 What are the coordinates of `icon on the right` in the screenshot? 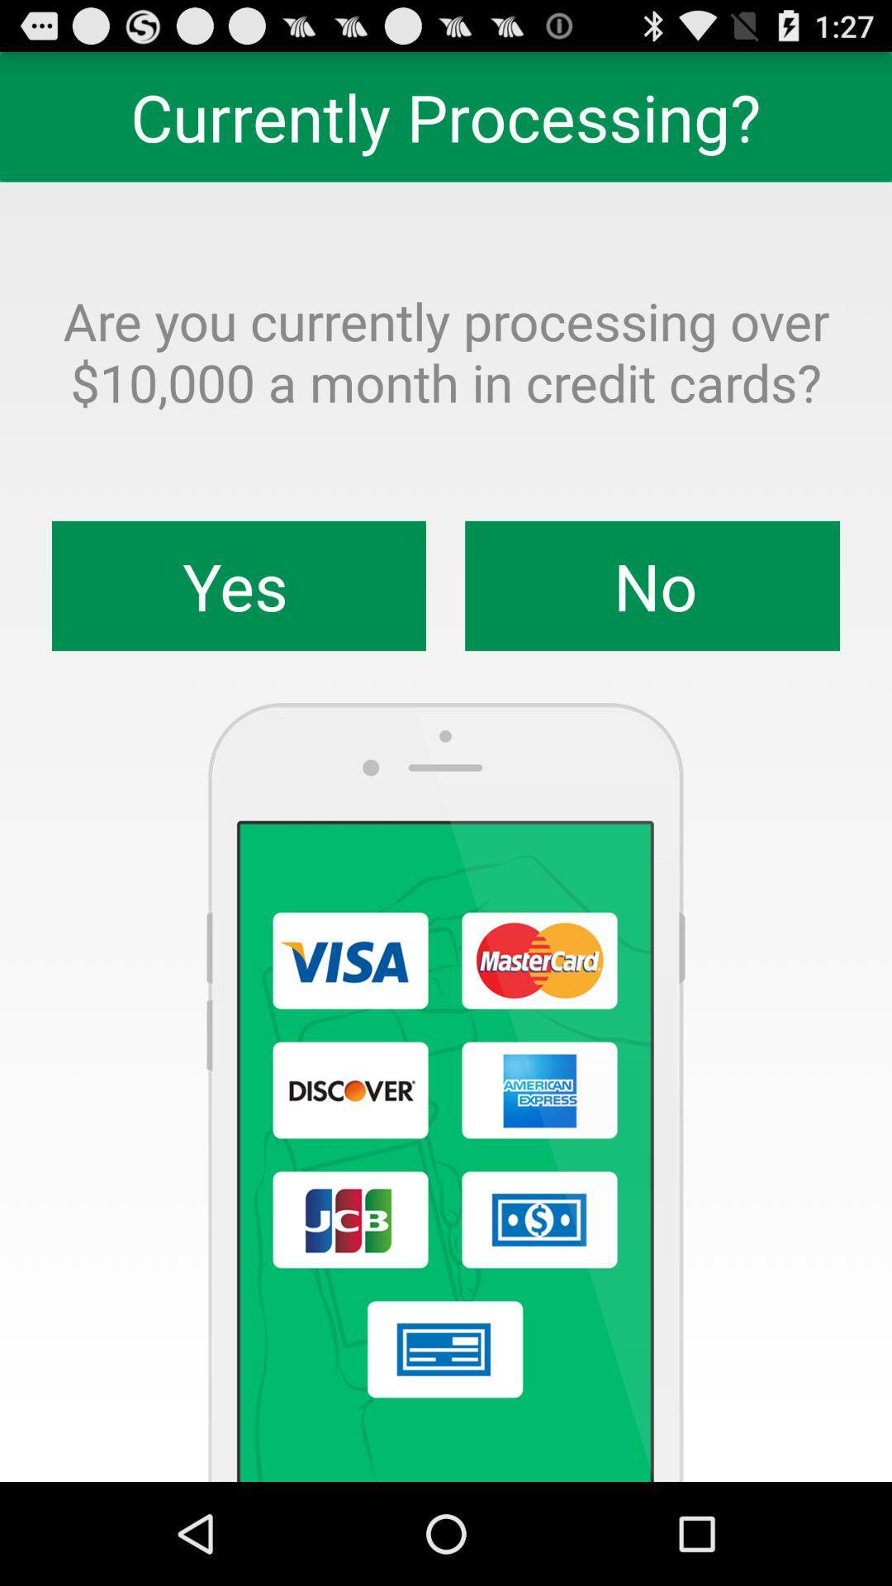 It's located at (652, 586).